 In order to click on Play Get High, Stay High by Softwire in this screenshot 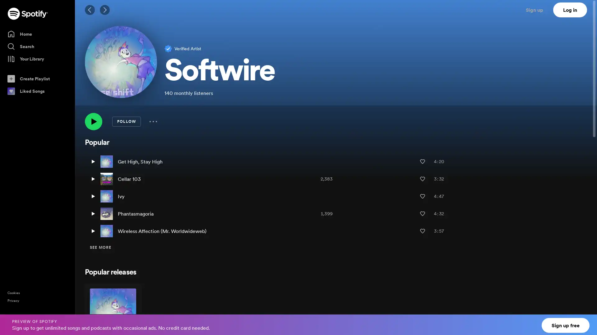, I will do `click(92, 161)`.